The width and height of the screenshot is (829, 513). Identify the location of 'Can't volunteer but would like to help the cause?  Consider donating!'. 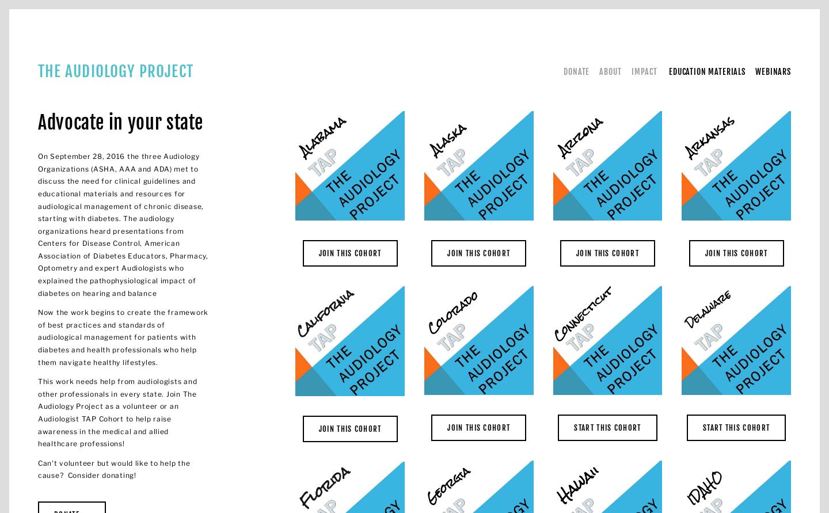
(37, 468).